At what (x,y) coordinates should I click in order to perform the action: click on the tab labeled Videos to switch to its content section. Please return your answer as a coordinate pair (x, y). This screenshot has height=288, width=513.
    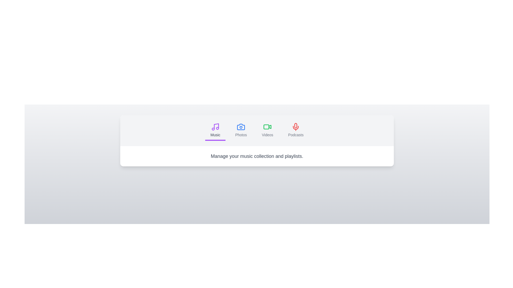
    Looking at the image, I should click on (267, 130).